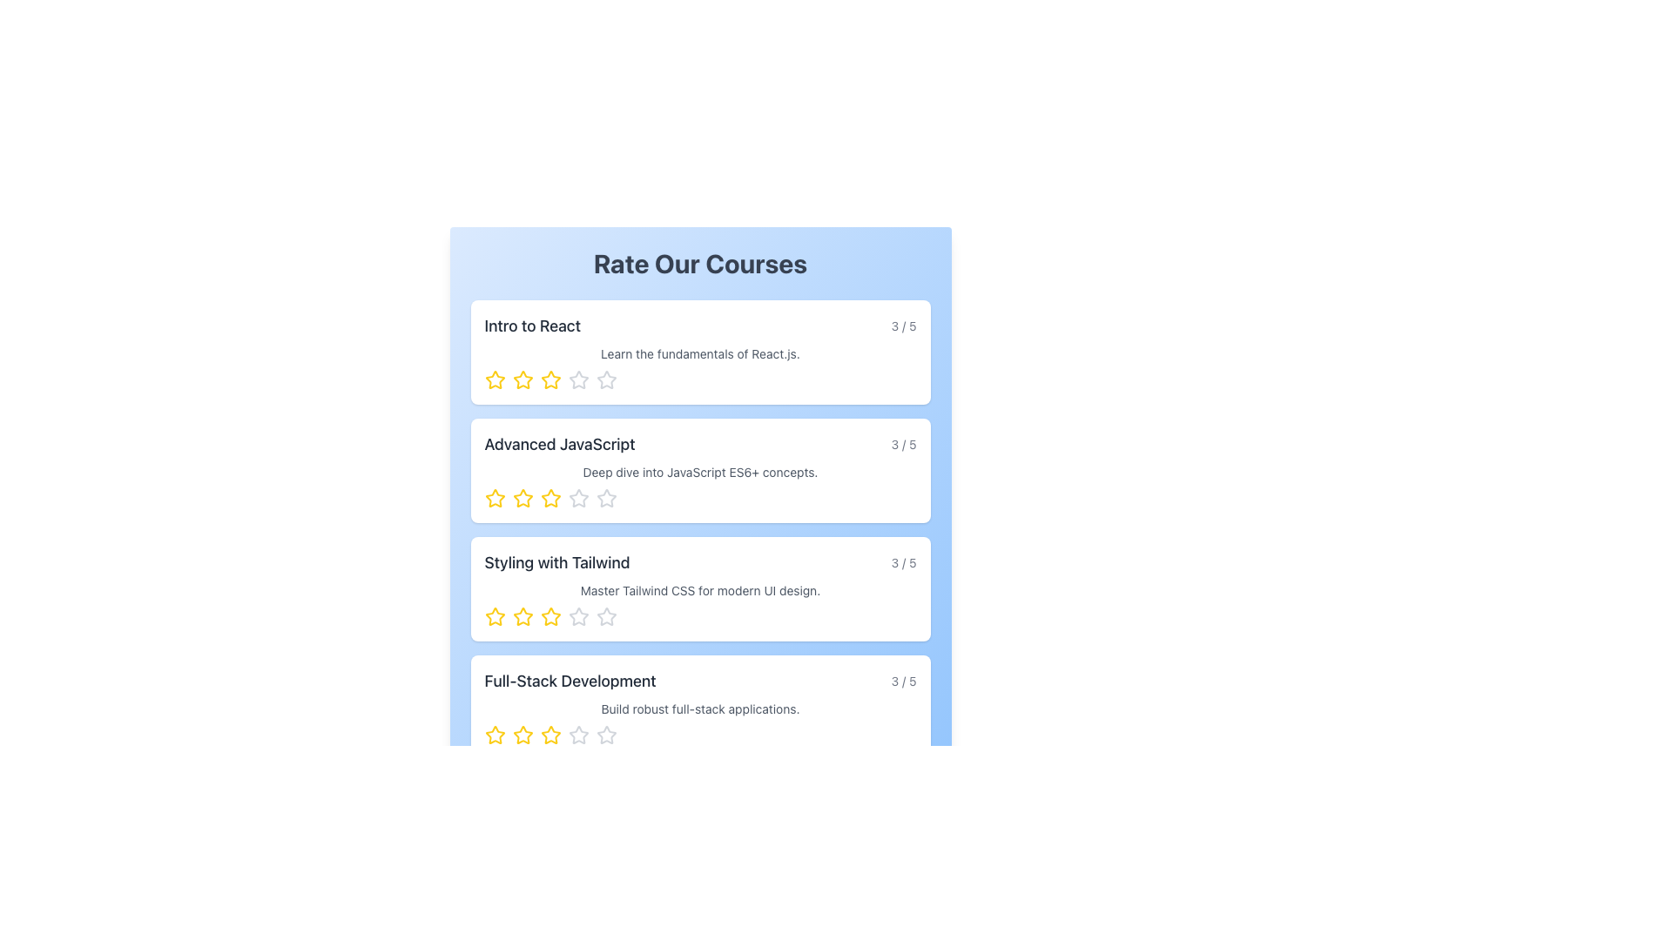 The image size is (1672, 940). Describe the element at coordinates (700, 473) in the screenshot. I see `the static text label that describes the 'Advanced JavaScript' section, which is positioned below the title and rating score, and above the star rating component` at that location.